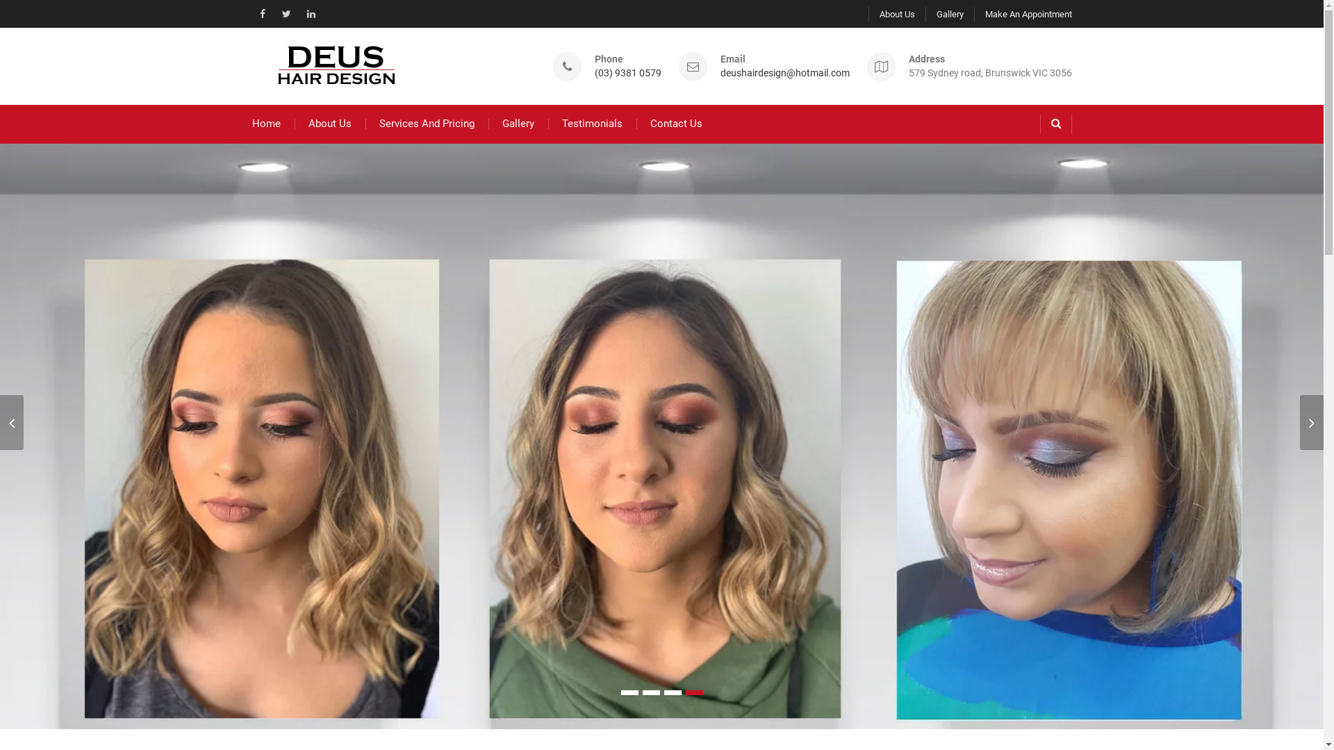 This screenshot has height=750, width=1334. What do you see at coordinates (516, 123) in the screenshot?
I see `'Gallery'` at bounding box center [516, 123].